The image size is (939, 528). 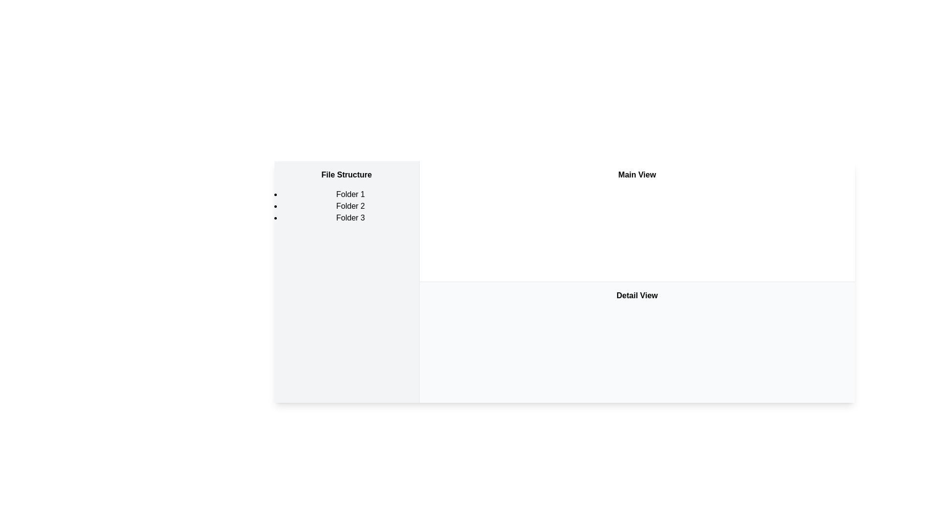 What do you see at coordinates (350, 205) in the screenshot?
I see `the individual list items of the unordered list displaying 'Folder 1', 'Folder 2', and 'Folder 3', which is located centrally within the left panel under the 'File Structure' heading` at bounding box center [350, 205].